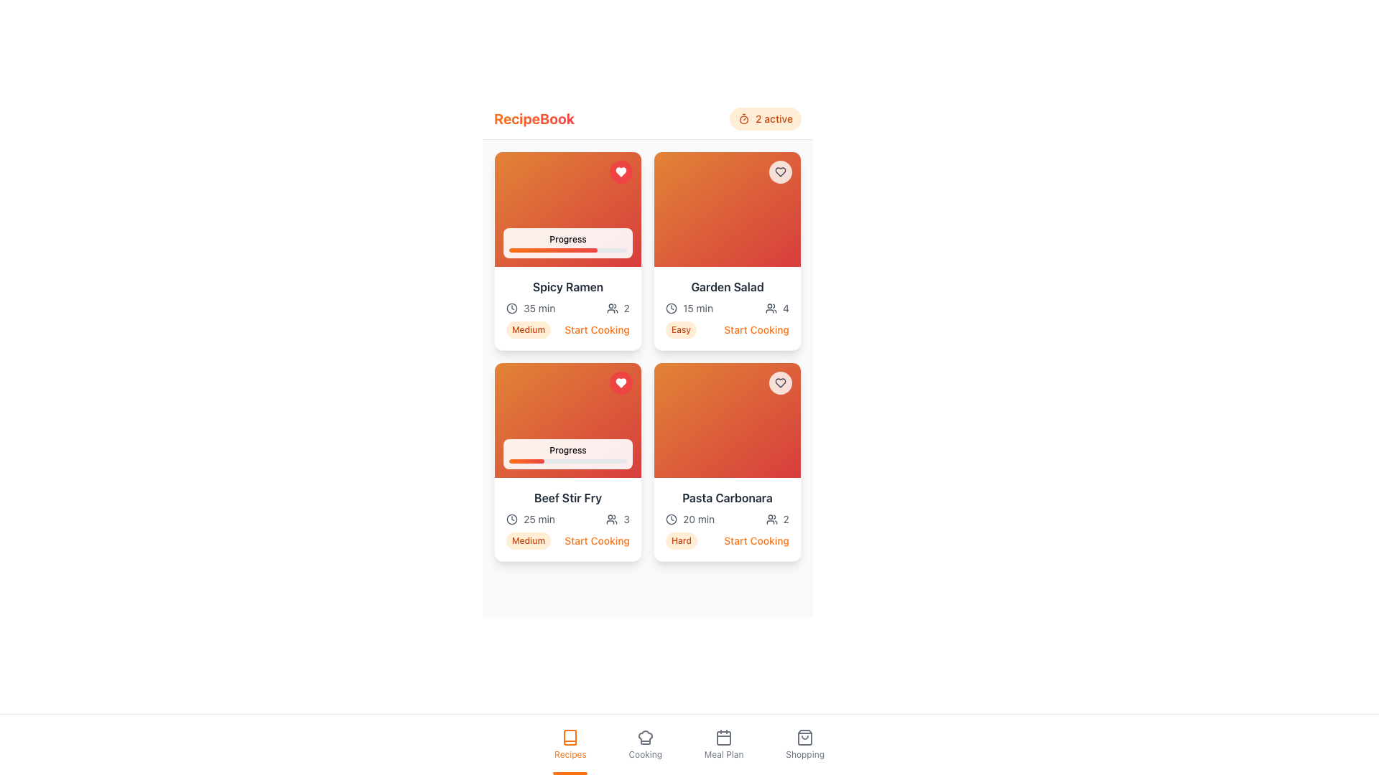 This screenshot has height=775, width=1379. Describe the element at coordinates (805, 743) in the screenshot. I see `the 'Shopping' button located on the bottom navigation bar, the fourth item in the sequence` at that location.